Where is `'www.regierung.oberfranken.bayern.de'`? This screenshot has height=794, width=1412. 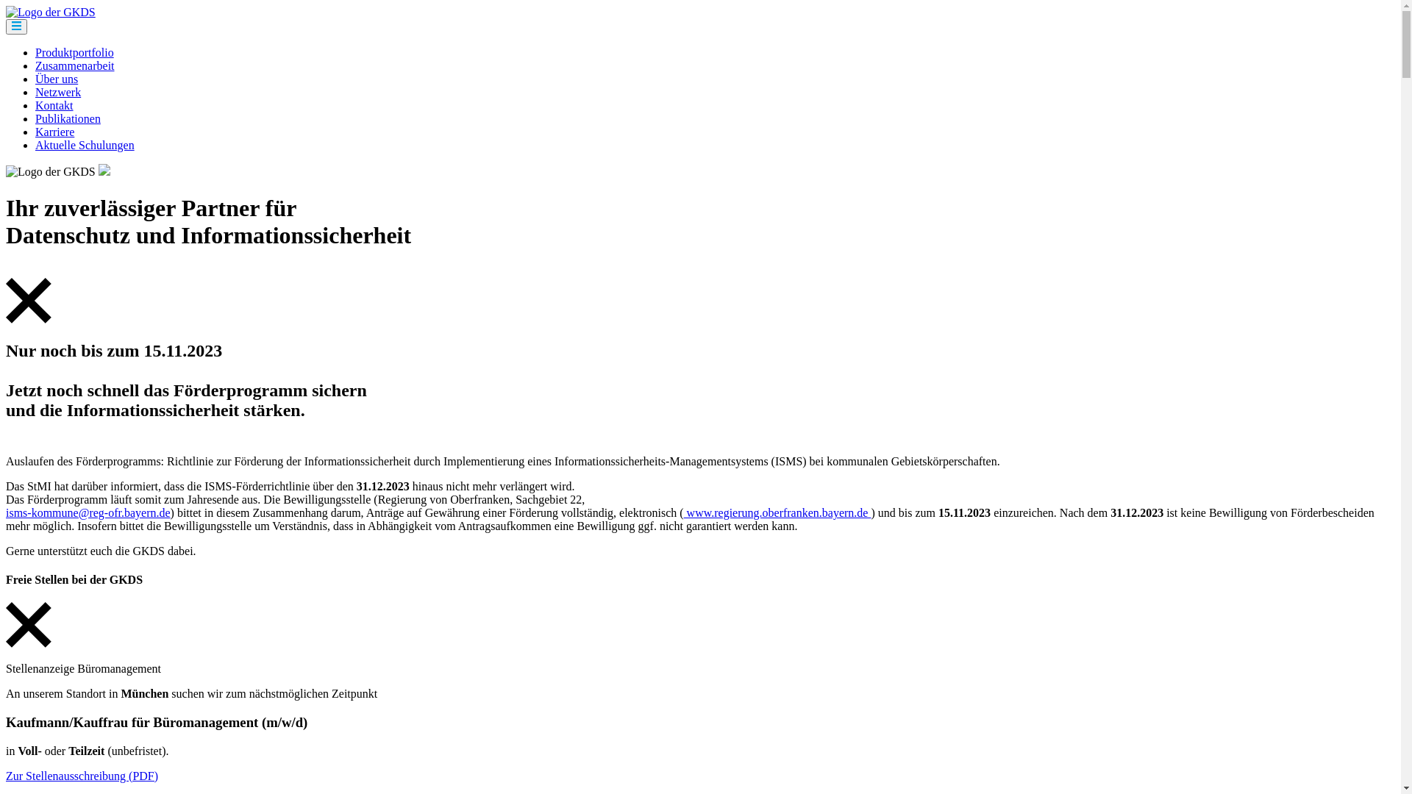
'www.regierung.oberfranken.bayern.de' is located at coordinates (683, 512).